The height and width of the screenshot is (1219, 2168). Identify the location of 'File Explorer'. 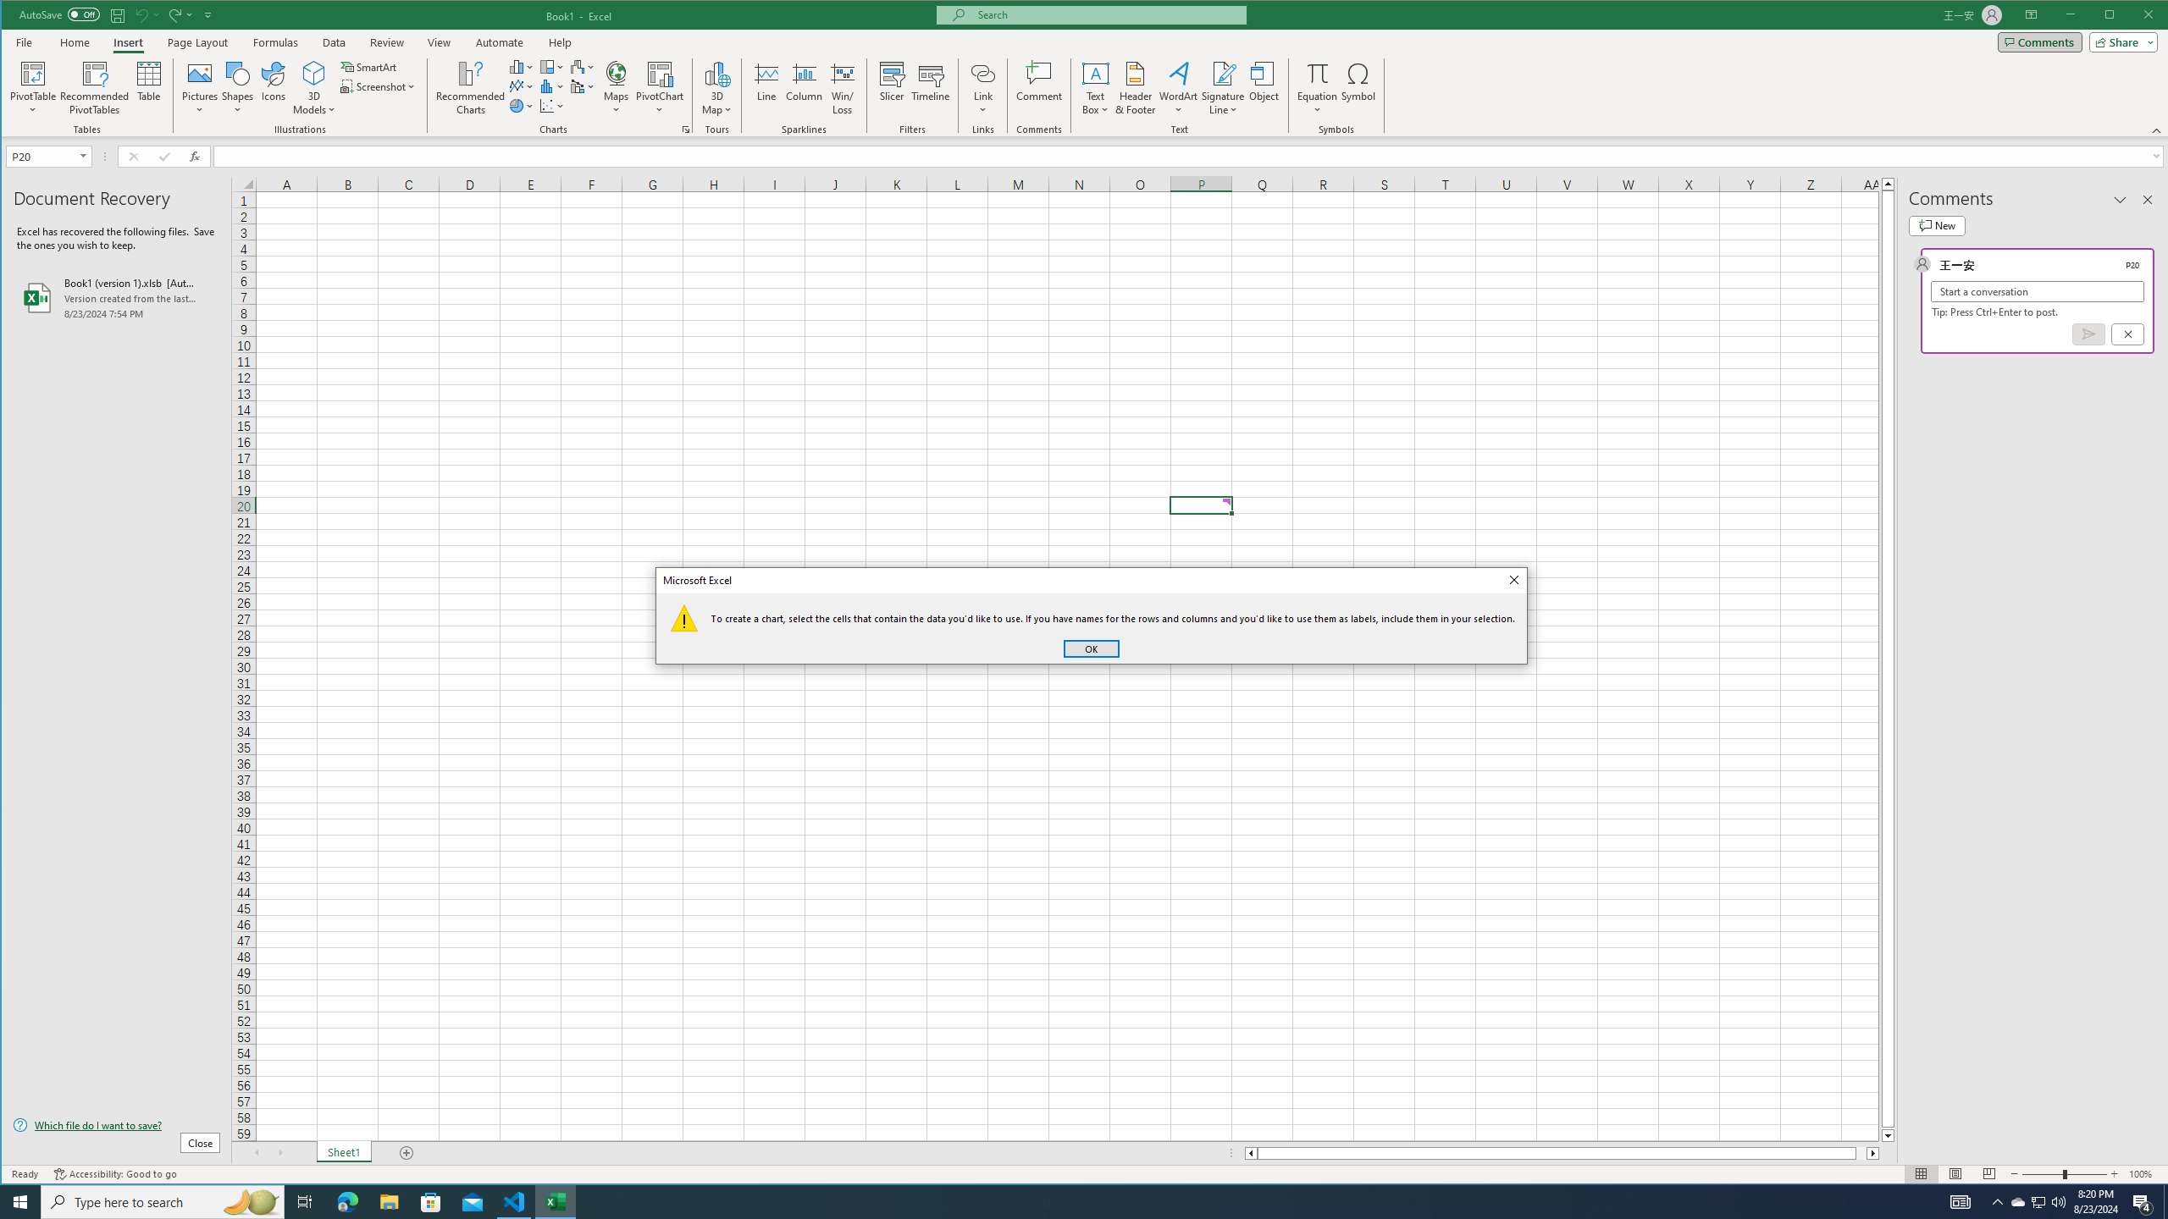
(388, 1200).